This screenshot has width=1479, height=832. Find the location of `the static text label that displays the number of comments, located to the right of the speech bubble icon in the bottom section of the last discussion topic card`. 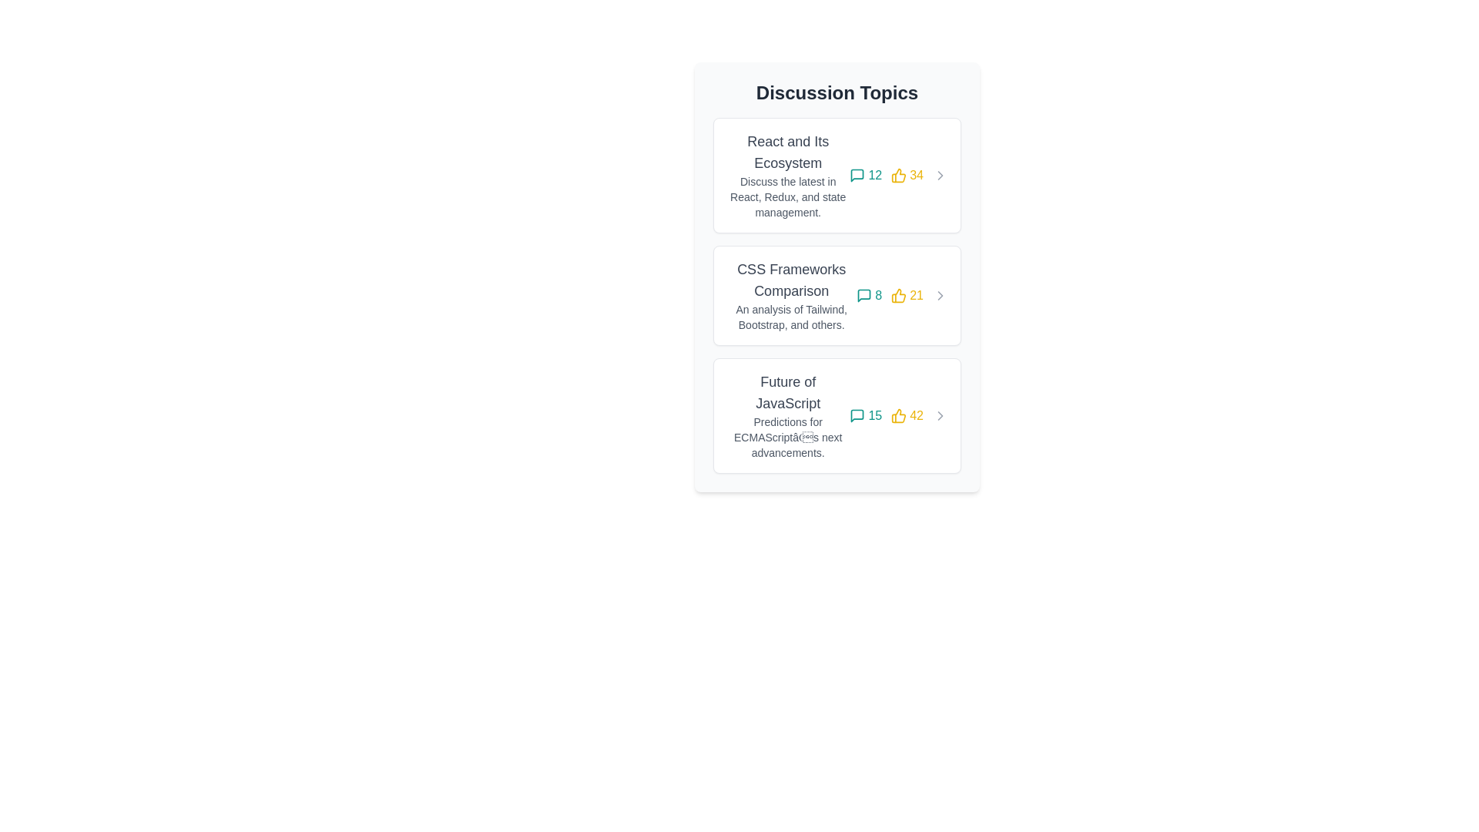

the static text label that displays the number of comments, located to the right of the speech bubble icon in the bottom section of the last discussion topic card is located at coordinates (875, 416).